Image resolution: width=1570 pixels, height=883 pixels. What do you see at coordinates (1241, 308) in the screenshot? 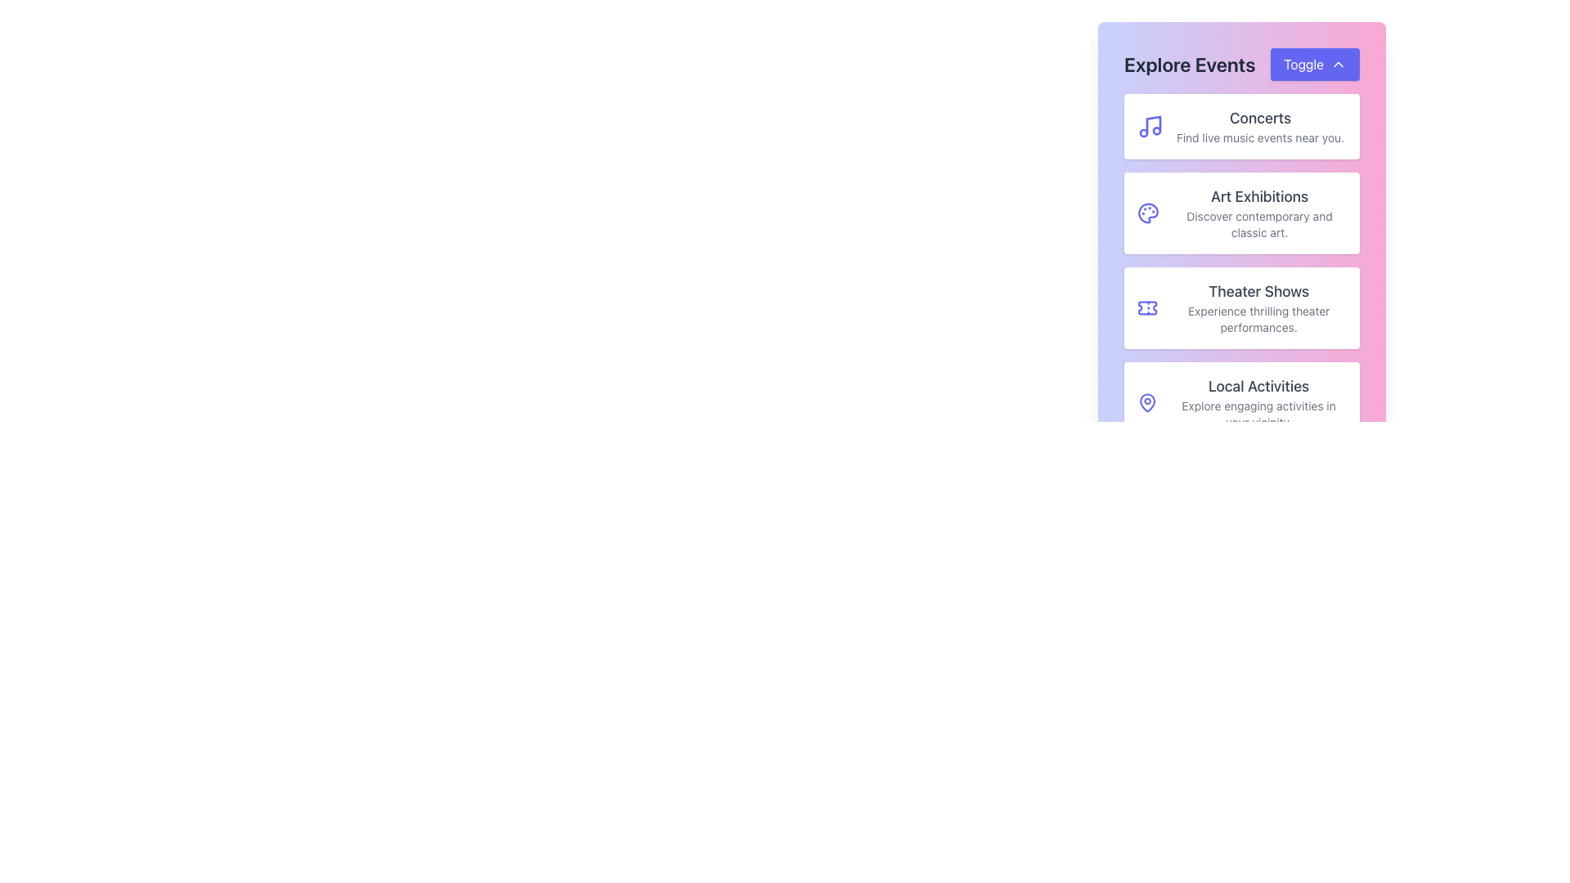
I see `the interactive card labeled 'Theater Shows', which is the third item in a vertical list and features an indigo ticket icon on the left, followed by two lines of text describing theater performances` at bounding box center [1241, 308].